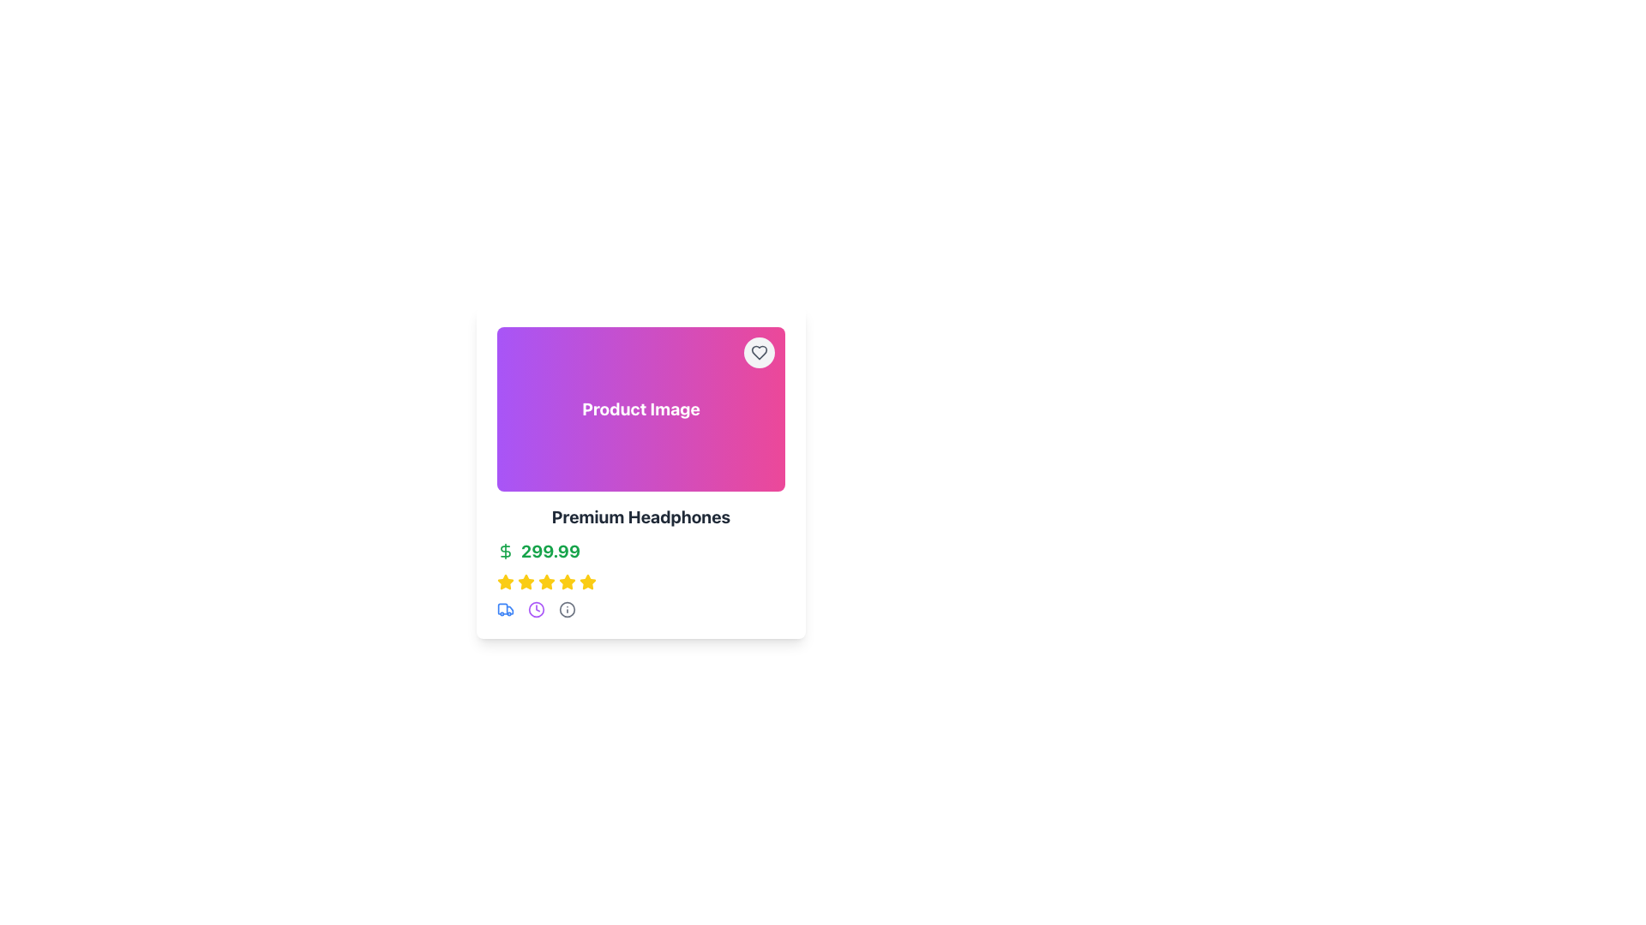 The height and width of the screenshot is (925, 1646). I want to click on the first star icon representing the rating value displayed under the product price, which also includes a tooltip label, so click(505, 581).